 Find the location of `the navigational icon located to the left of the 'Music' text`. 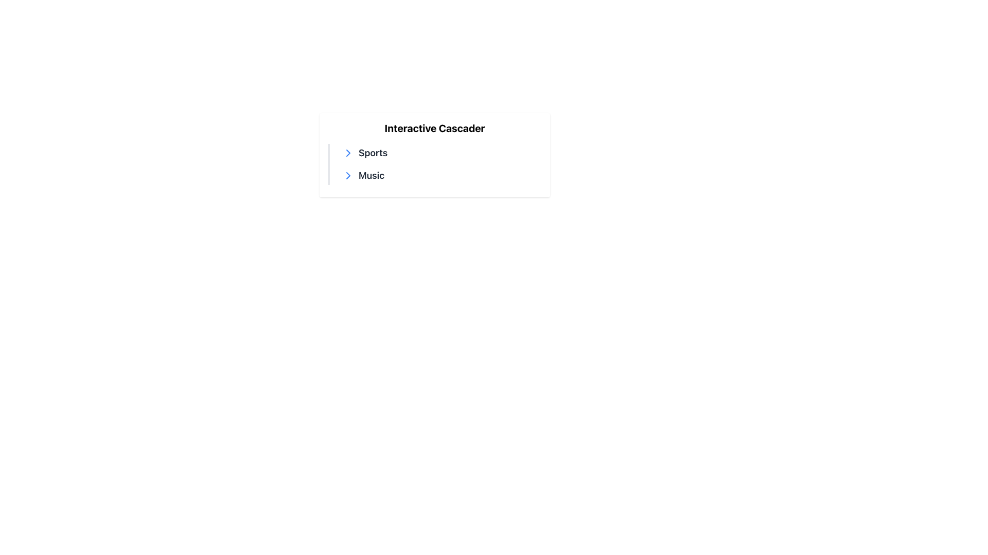

the navigational icon located to the left of the 'Music' text is located at coordinates (348, 175).